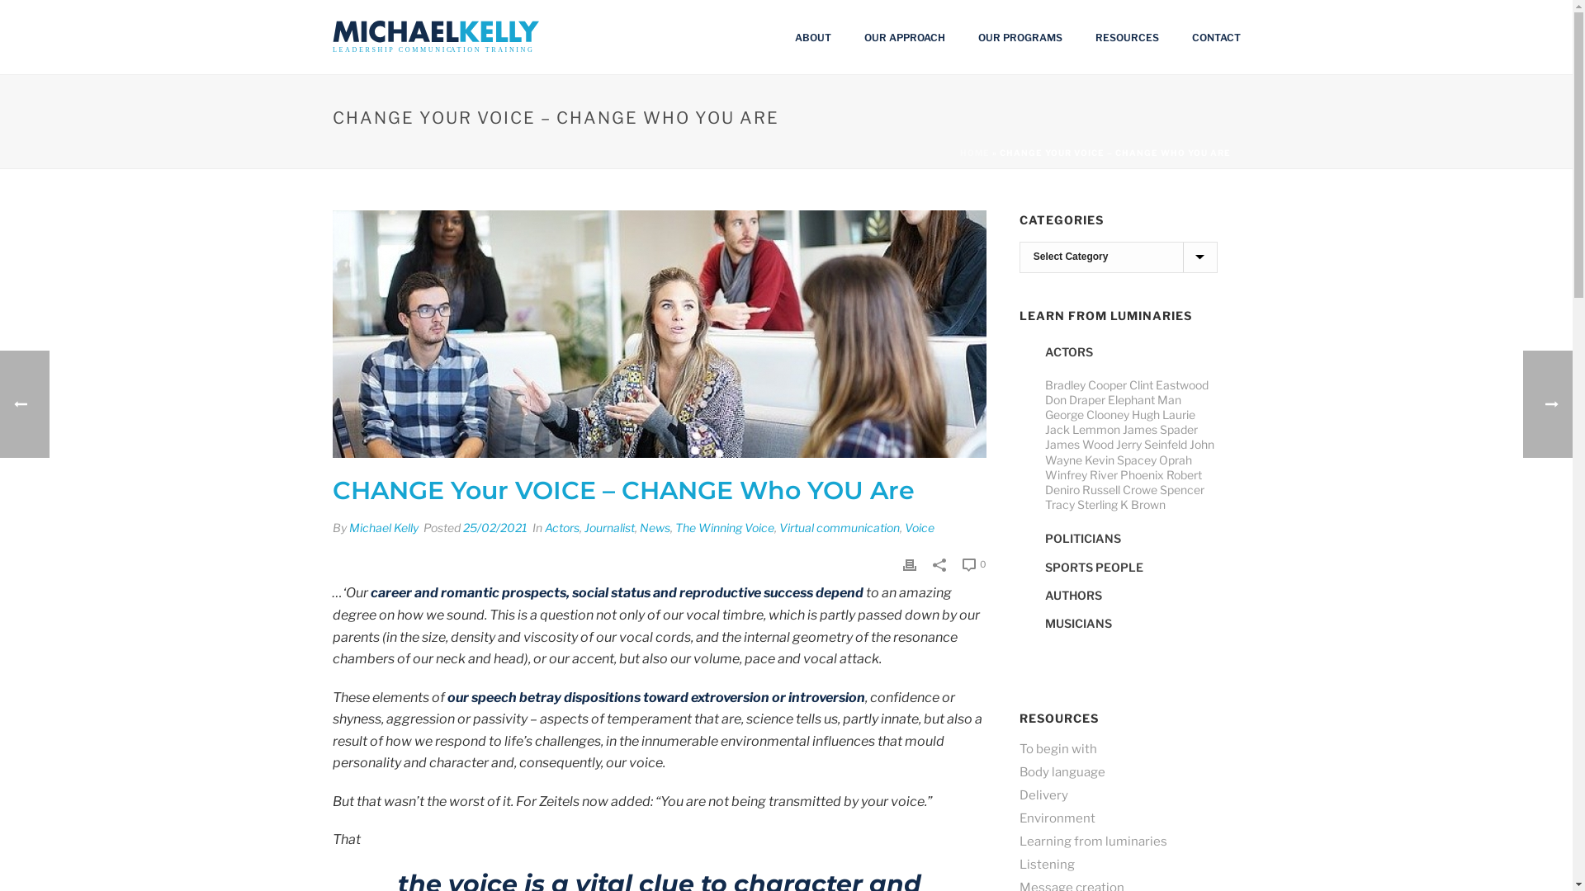 This screenshot has width=1585, height=891. I want to click on 'Don Draper', so click(1075, 399).